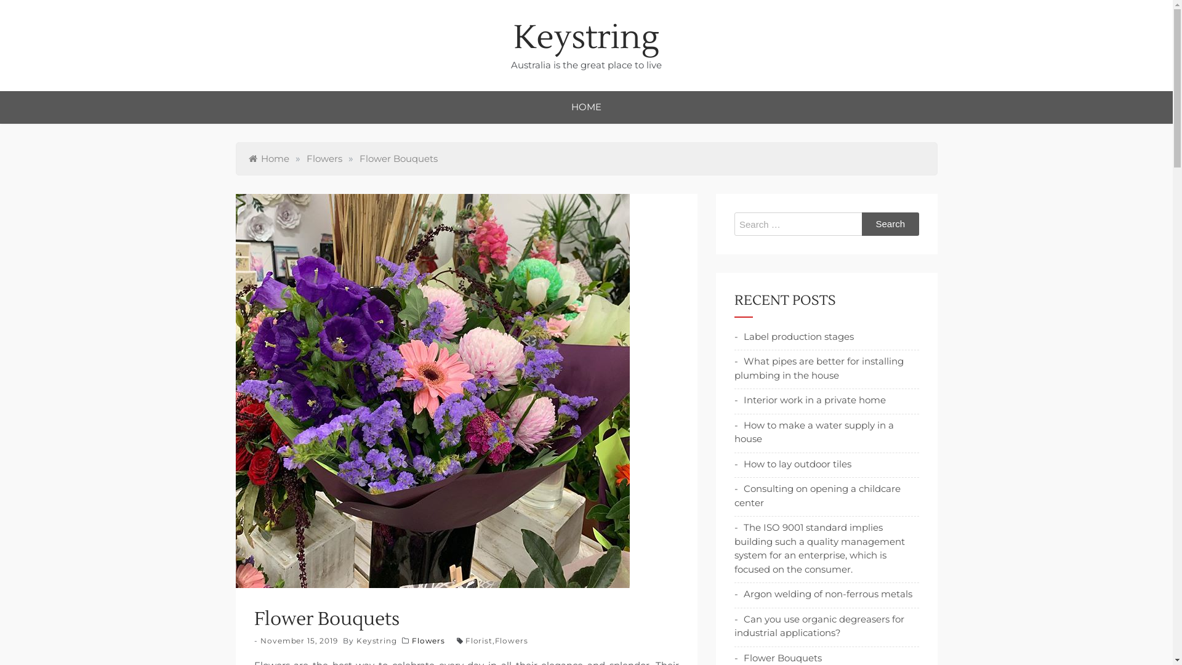 Image resolution: width=1182 pixels, height=665 pixels. I want to click on 'Interior work in a private home', so click(810, 400).